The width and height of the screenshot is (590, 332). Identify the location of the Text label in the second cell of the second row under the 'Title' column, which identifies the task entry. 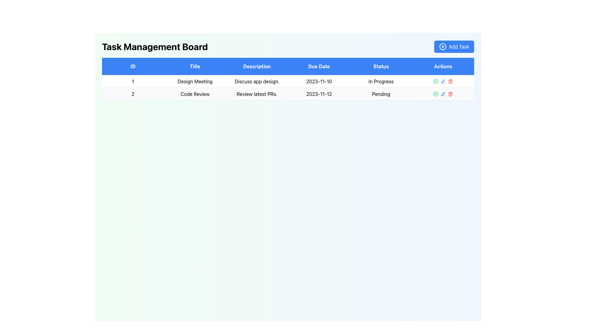
(195, 94).